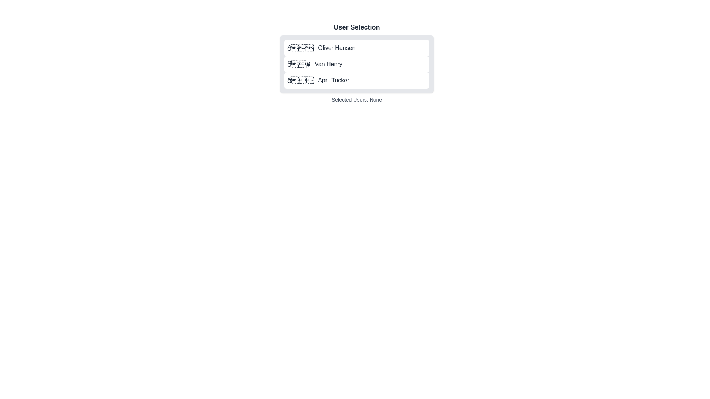 The image size is (710, 399). What do you see at coordinates (336, 48) in the screenshot?
I see `the static text label representing the user 'Oliver Hansen', which is the first entry in the 'User Selection' list, positioned to the right of an emoji-like symbol` at bounding box center [336, 48].